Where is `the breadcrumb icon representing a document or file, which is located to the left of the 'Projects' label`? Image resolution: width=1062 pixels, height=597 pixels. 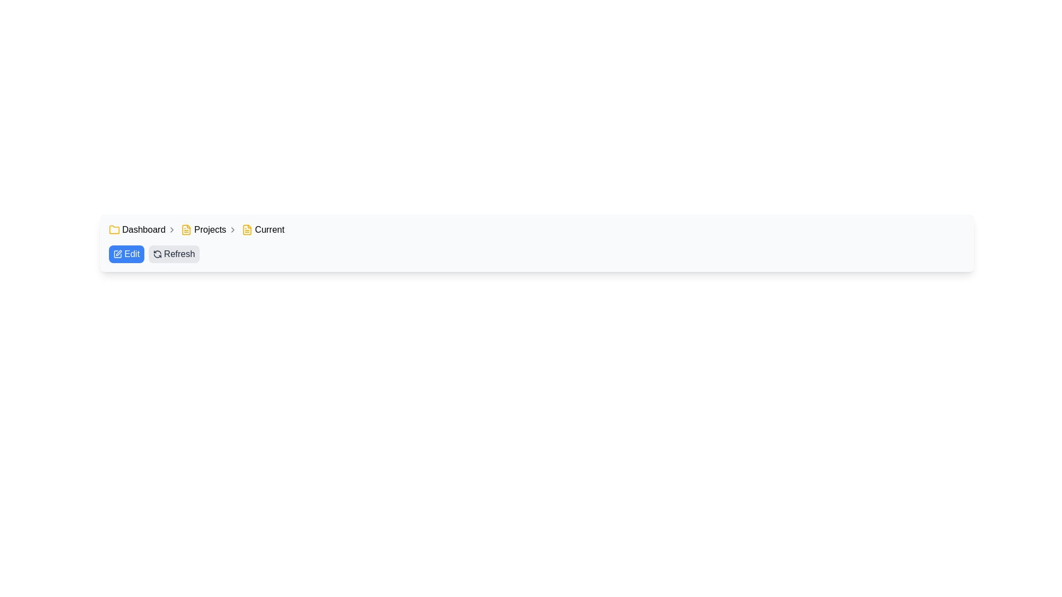
the breadcrumb icon representing a document or file, which is located to the left of the 'Projects' label is located at coordinates (186, 229).